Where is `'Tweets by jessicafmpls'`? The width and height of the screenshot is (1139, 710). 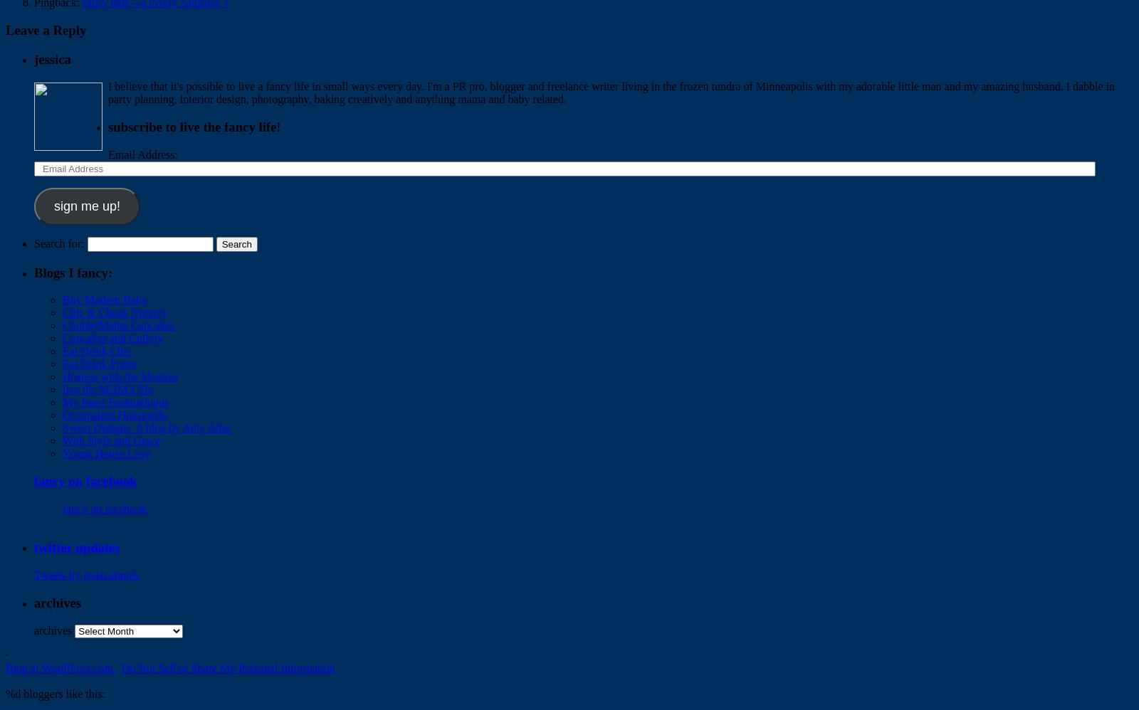
'Tweets by jessicafmpls' is located at coordinates (85, 575).